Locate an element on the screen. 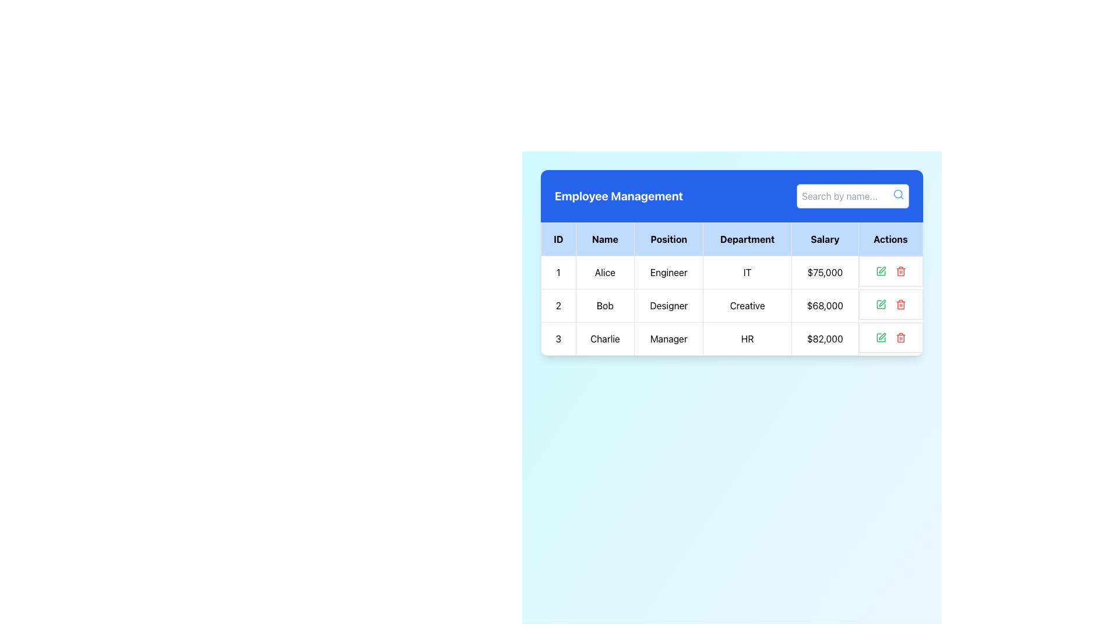 This screenshot has width=1119, height=629. the table header cell labeled 'Salary', which is styled with a light blue background and bold black text, located between the 'Department' and 'Actions' headers in the Employee Management table is located at coordinates (824, 239).